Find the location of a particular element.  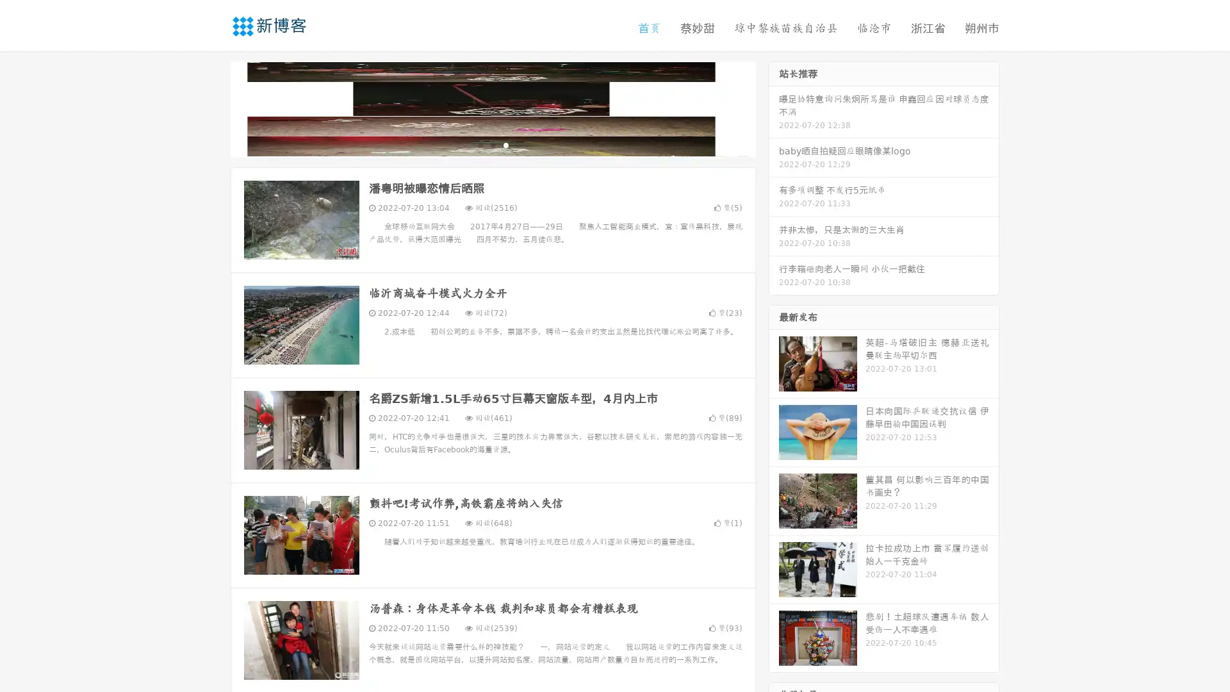

Go to slide 3 is located at coordinates (505, 144).